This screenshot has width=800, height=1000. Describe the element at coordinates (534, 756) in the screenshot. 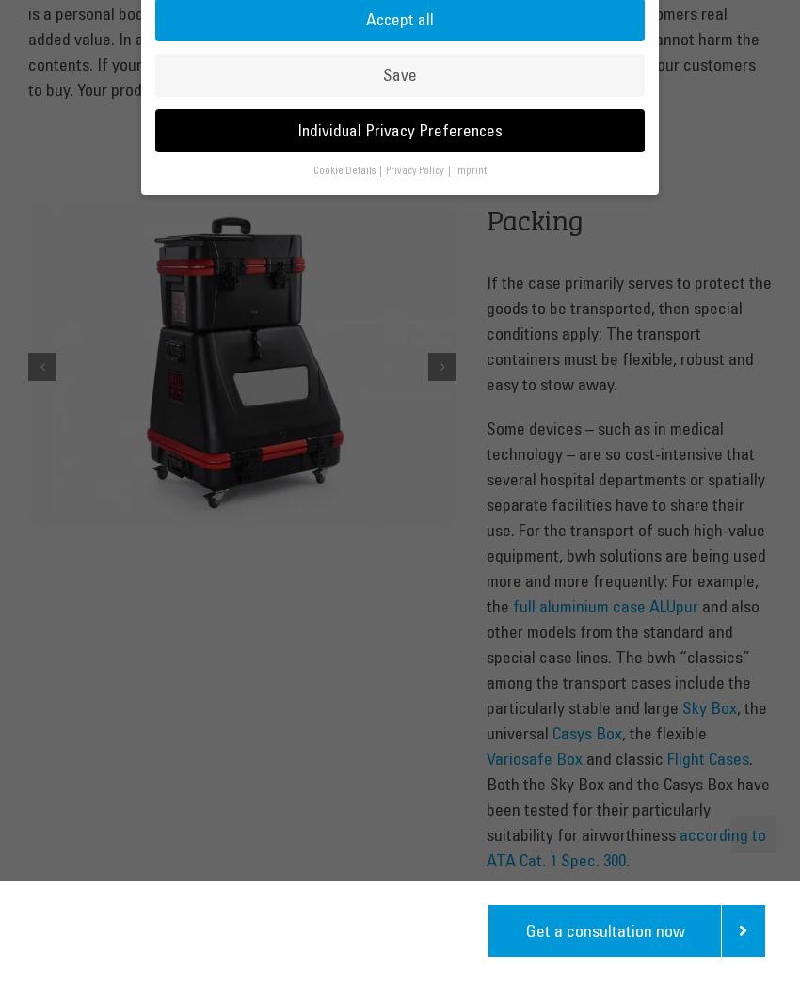

I see `'Variosafe Box'` at that location.